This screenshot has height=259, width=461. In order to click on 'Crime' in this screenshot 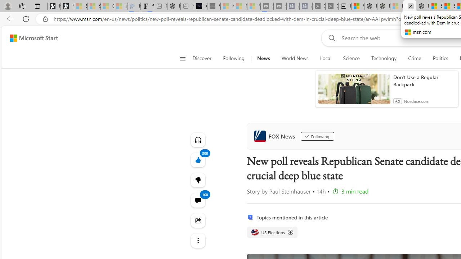, I will do `click(415, 58)`.